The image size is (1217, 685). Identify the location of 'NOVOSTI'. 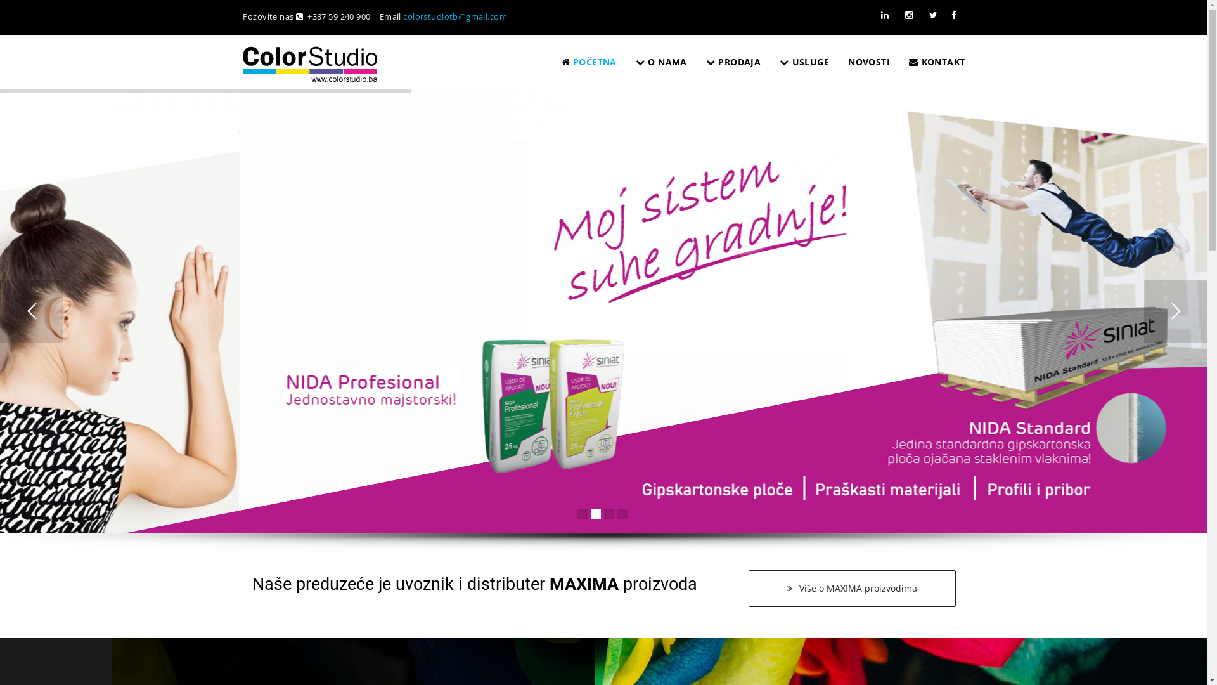
(868, 62).